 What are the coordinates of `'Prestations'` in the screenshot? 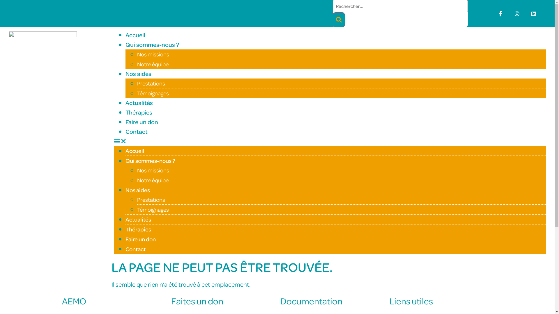 It's located at (151, 199).